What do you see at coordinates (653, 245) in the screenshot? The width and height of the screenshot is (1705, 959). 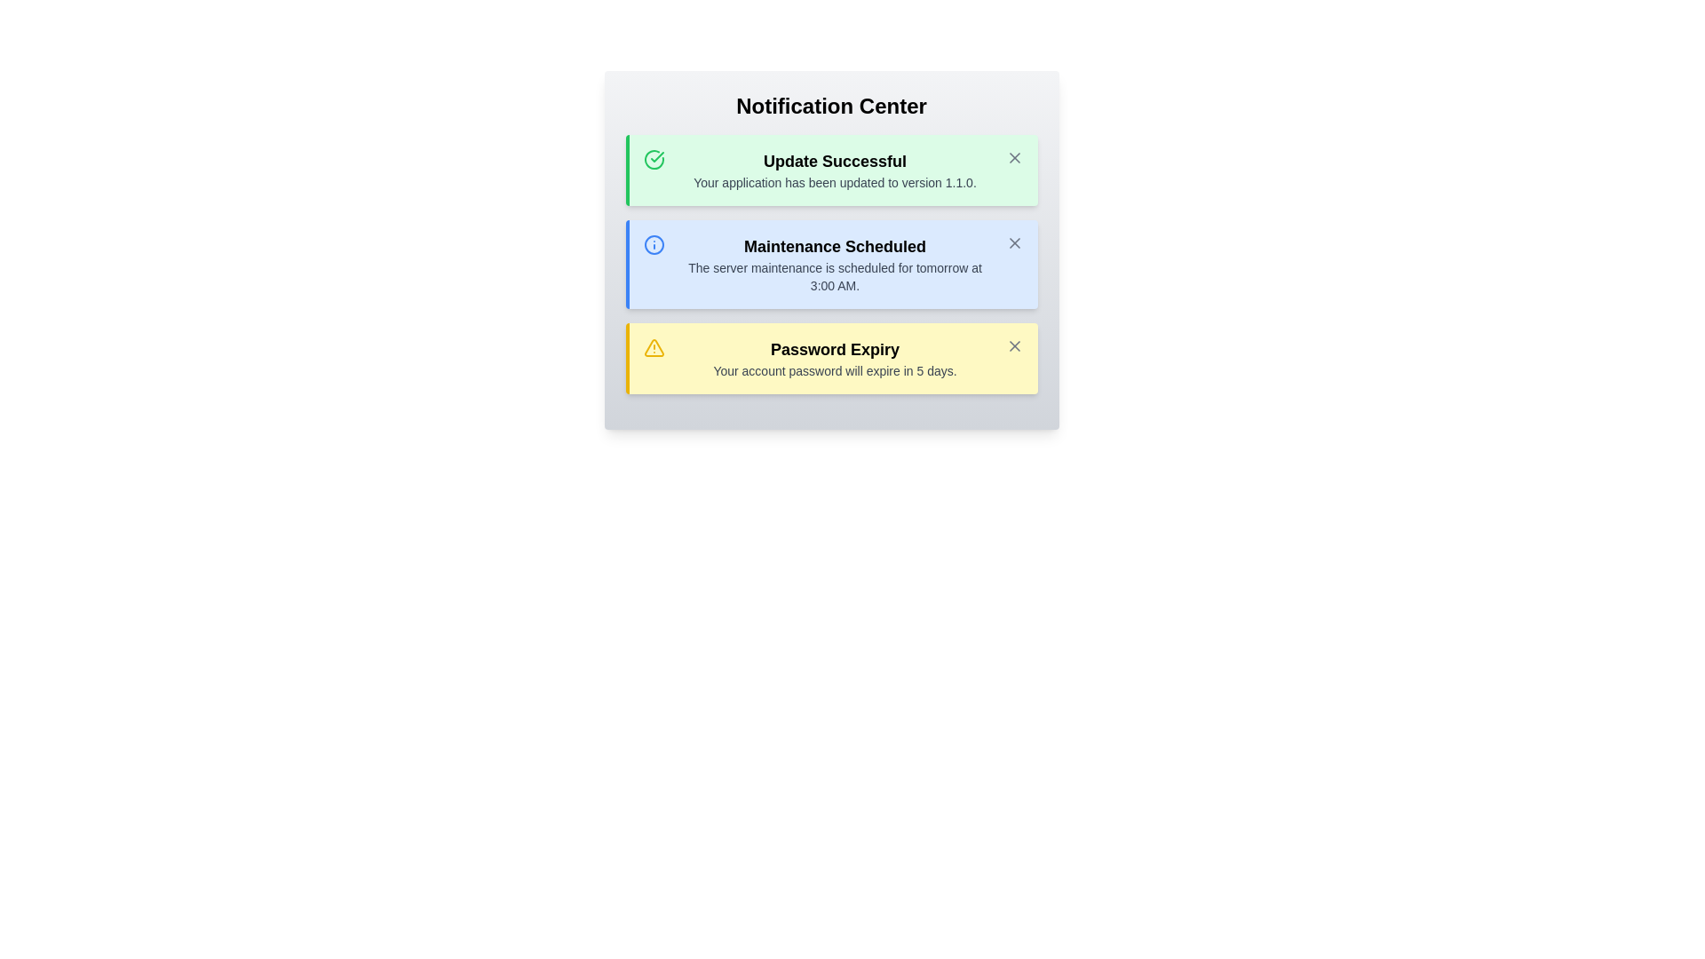 I see `the circular SVG icon indicating 'Maintenance Scheduled' located in the second notification entry of the notification center, positioned to the left of the corresponding text` at bounding box center [653, 245].